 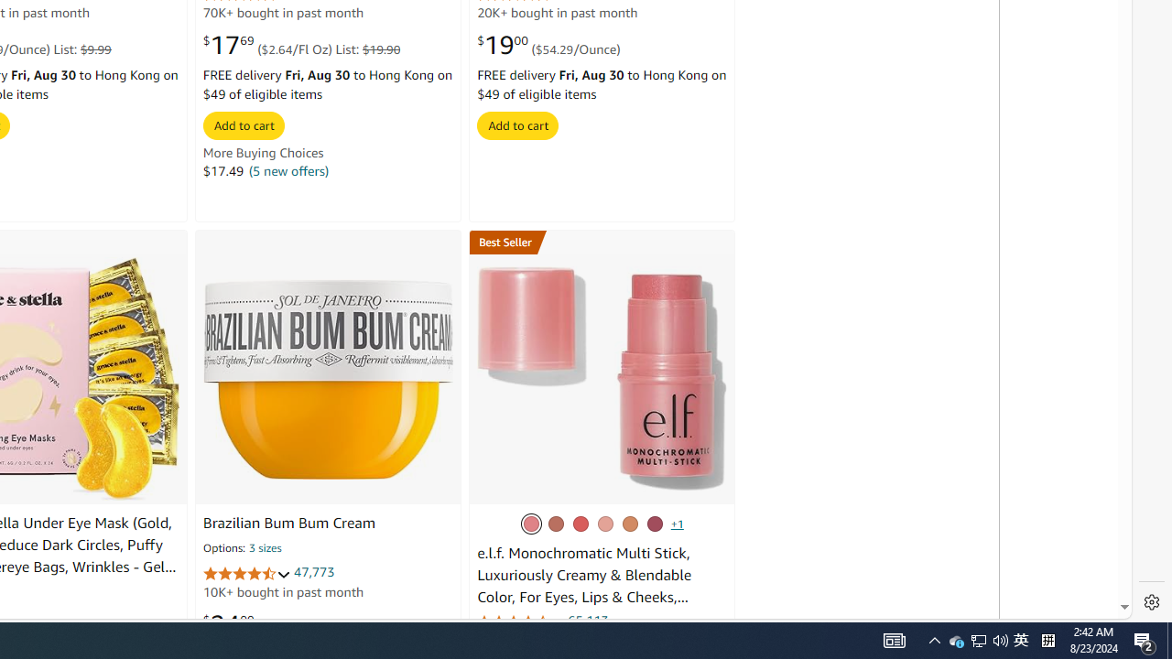 I want to click on '47,773', so click(x=314, y=570).